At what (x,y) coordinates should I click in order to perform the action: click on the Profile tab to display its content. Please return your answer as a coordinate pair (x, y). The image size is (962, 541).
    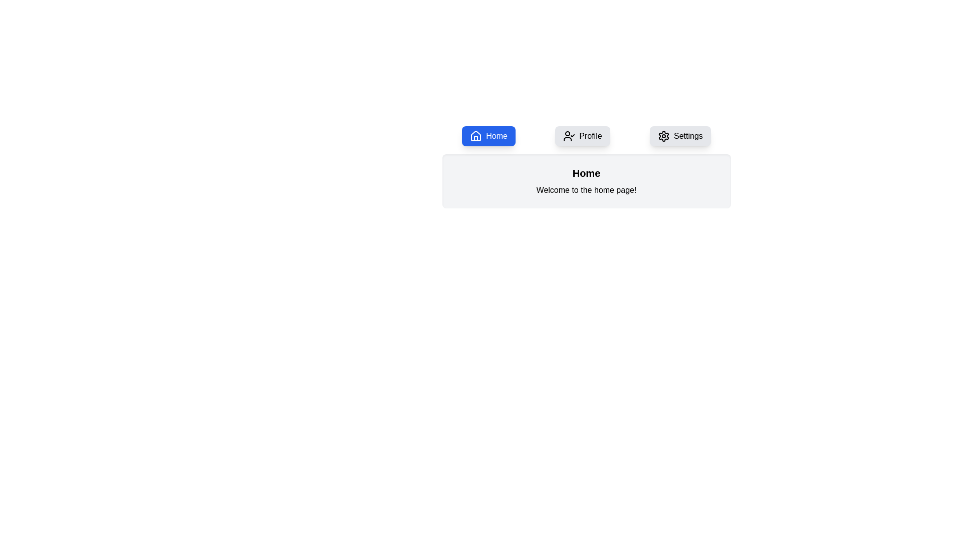
    Looking at the image, I should click on (582, 136).